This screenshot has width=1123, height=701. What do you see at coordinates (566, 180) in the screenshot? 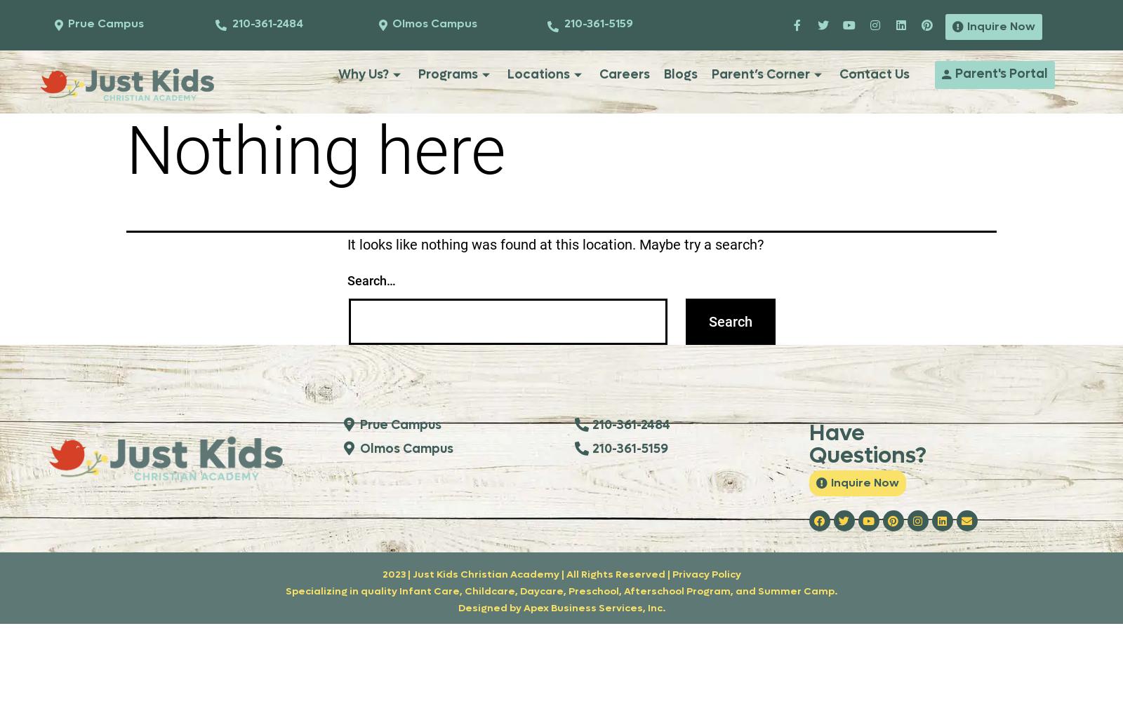
I see `'Contact Prue Campus'` at bounding box center [566, 180].